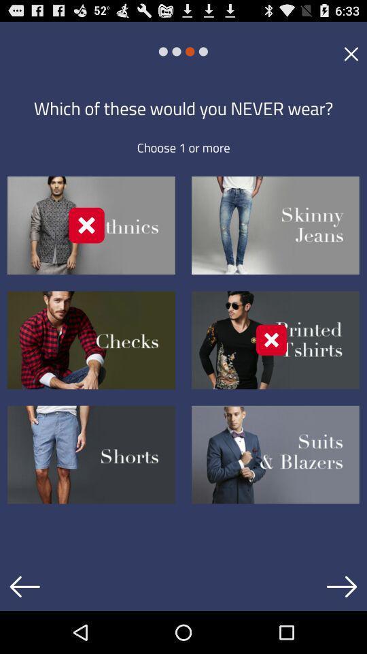  Describe the element at coordinates (351, 53) in the screenshot. I see `icon at the top right corner` at that location.